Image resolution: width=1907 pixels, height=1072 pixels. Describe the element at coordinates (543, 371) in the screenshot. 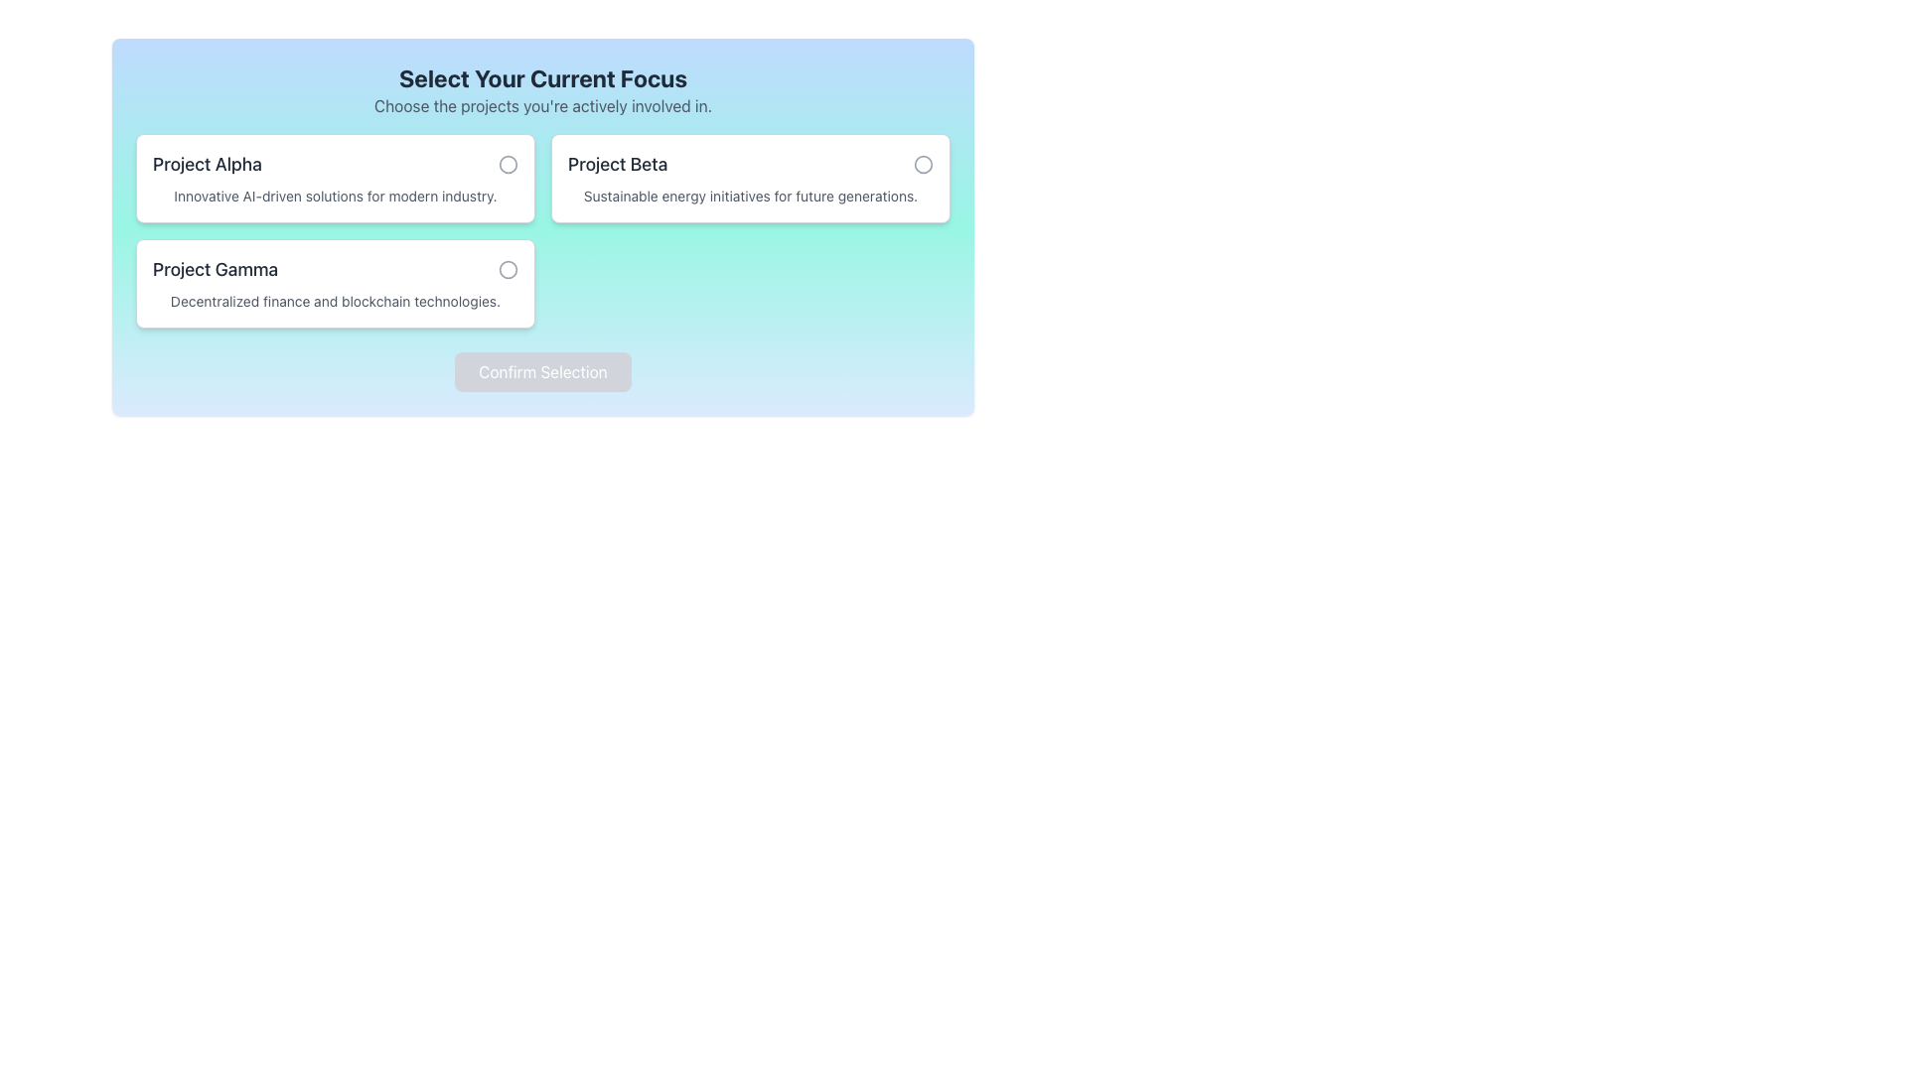

I see `the 'Confirm Selection' button, which is a rectangular button with a teal background and white text, located at the bottom center of the interface` at that location.